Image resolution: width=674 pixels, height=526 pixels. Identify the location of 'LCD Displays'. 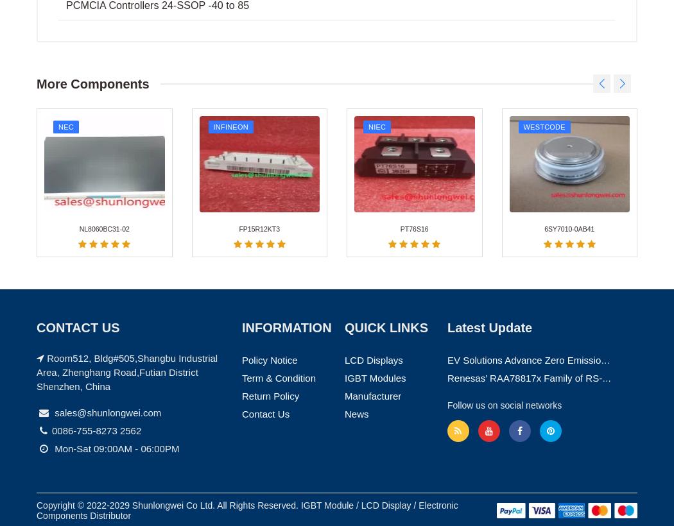
(372, 84).